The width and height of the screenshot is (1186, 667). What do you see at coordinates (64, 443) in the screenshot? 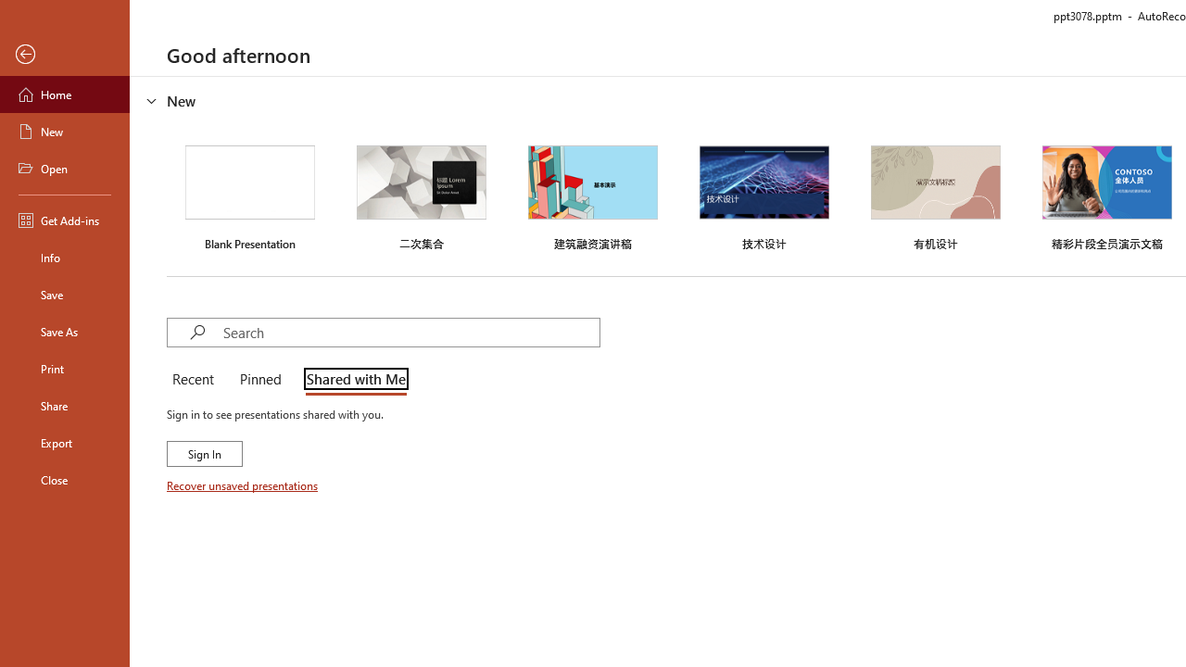
I see `'Export'` at bounding box center [64, 443].